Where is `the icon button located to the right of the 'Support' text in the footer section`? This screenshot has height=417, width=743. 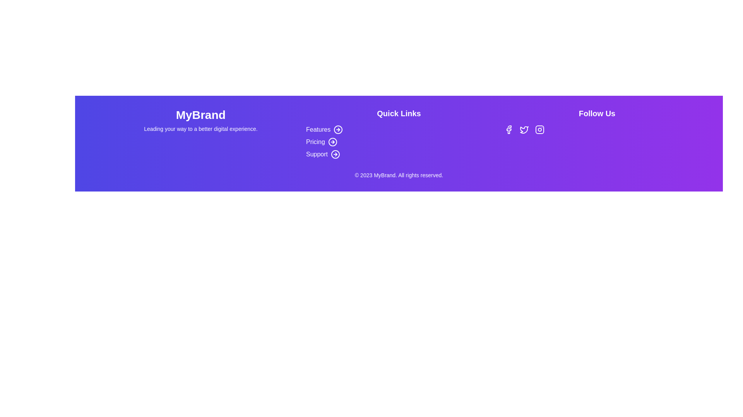 the icon button located to the right of the 'Support' text in the footer section is located at coordinates (336, 154).